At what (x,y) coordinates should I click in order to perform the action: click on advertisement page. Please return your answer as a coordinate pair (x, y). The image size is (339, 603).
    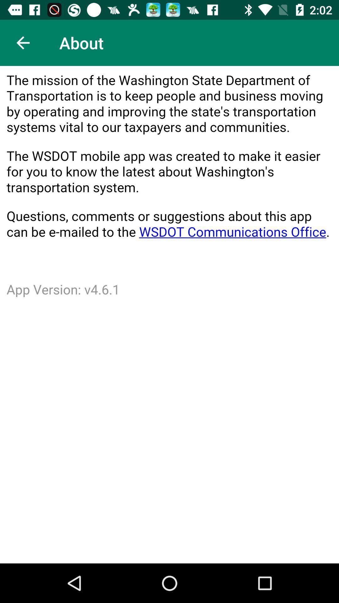
    Looking at the image, I should click on (169, 315).